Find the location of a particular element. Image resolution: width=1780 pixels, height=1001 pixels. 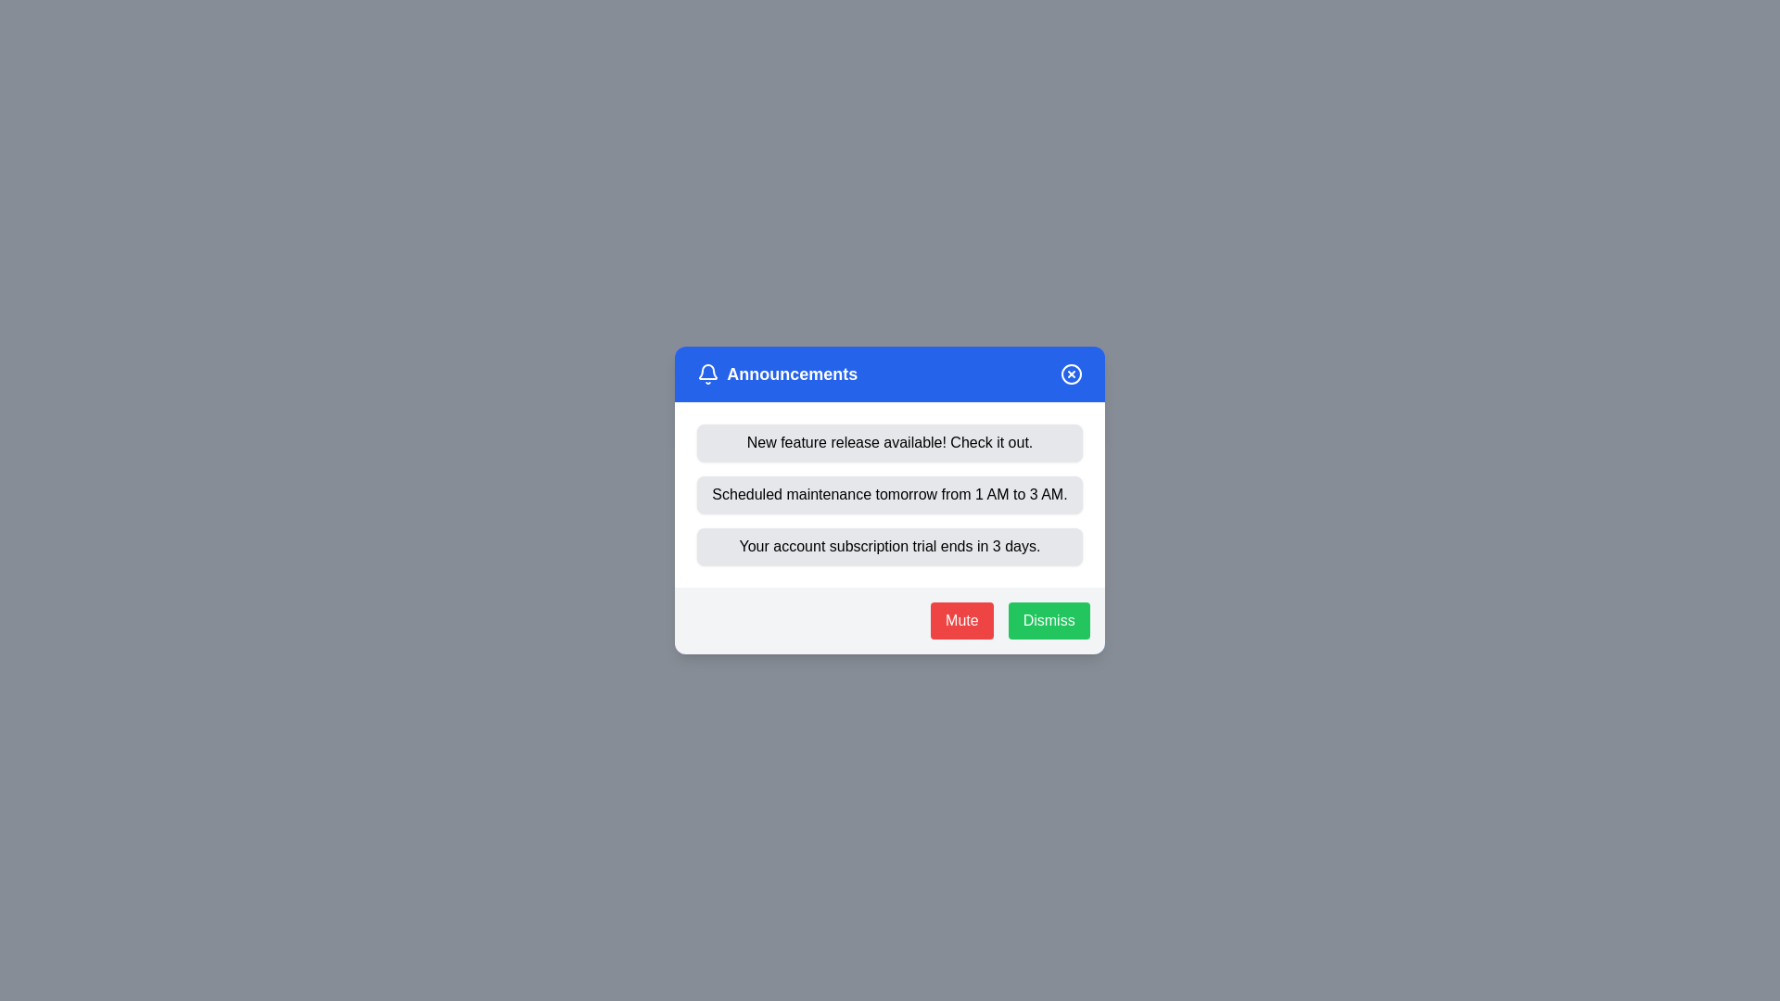

the close icon in the header to close the notification dialog is located at coordinates (1071, 374).